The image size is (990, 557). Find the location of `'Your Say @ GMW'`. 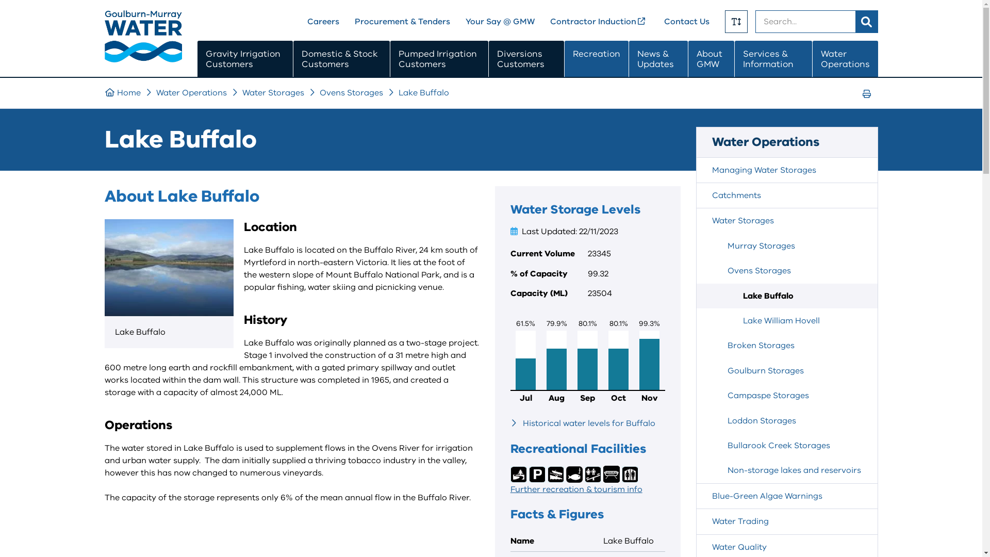

'Your Say @ GMW' is located at coordinates (500, 22).